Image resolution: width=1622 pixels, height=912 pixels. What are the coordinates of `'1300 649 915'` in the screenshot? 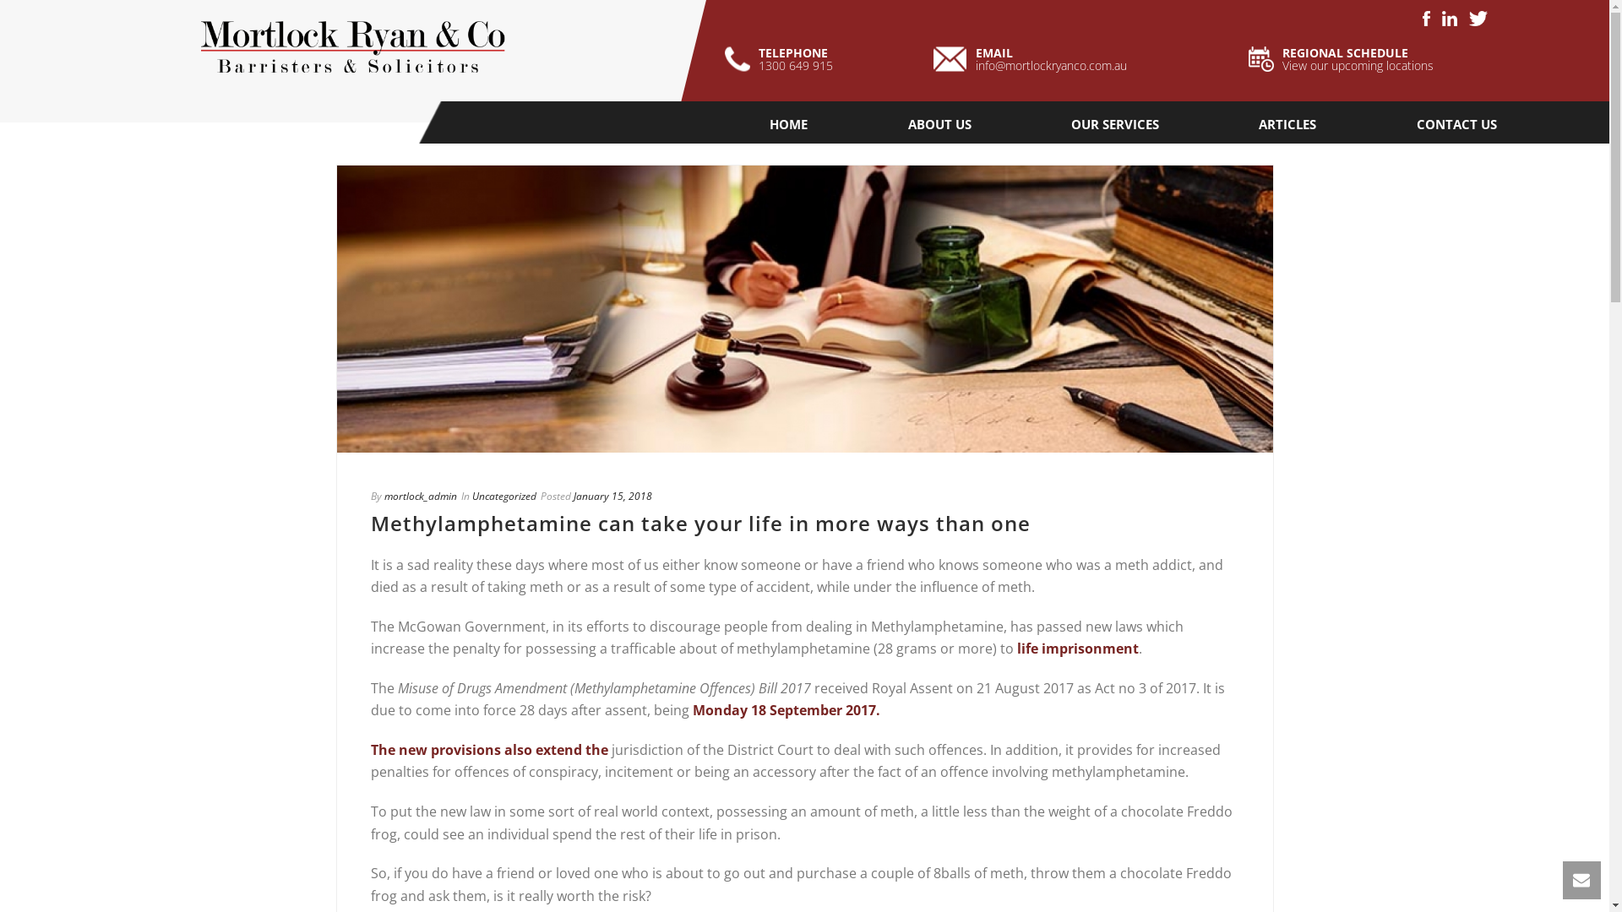 It's located at (794, 64).